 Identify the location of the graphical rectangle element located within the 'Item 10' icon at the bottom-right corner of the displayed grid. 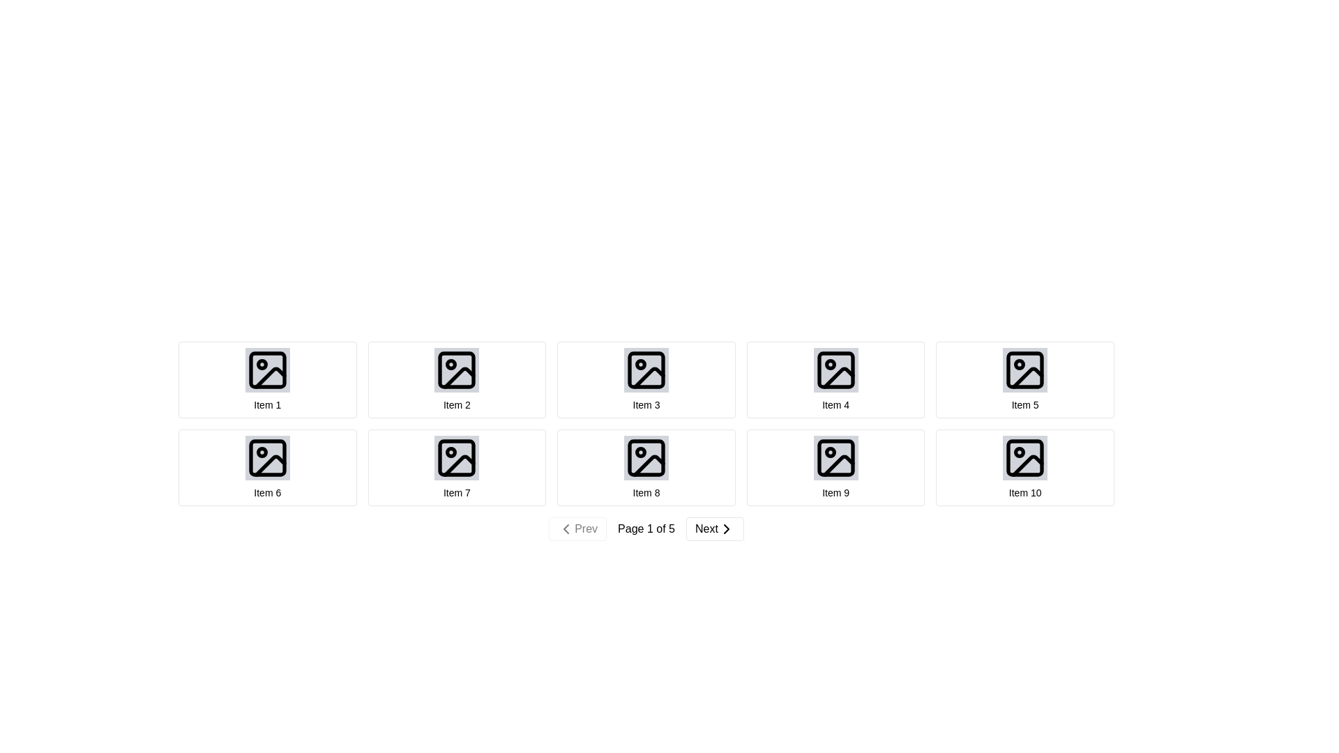
(1025, 457).